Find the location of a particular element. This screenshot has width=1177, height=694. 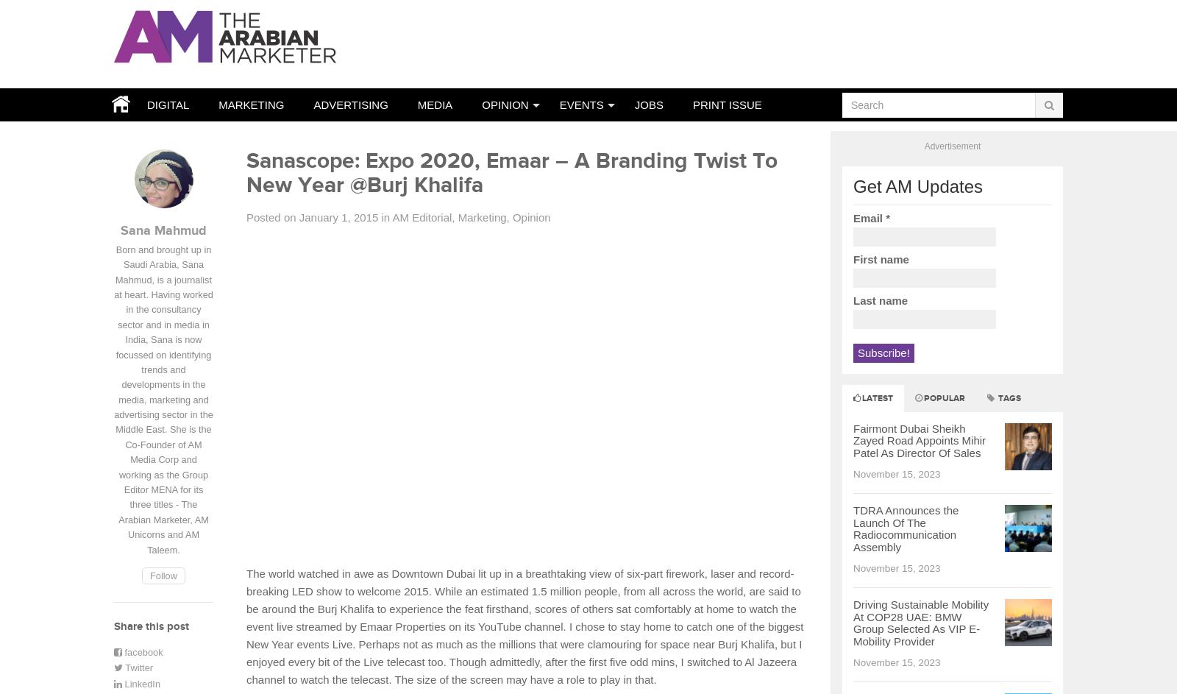

'Twitter' is located at coordinates (137, 667).